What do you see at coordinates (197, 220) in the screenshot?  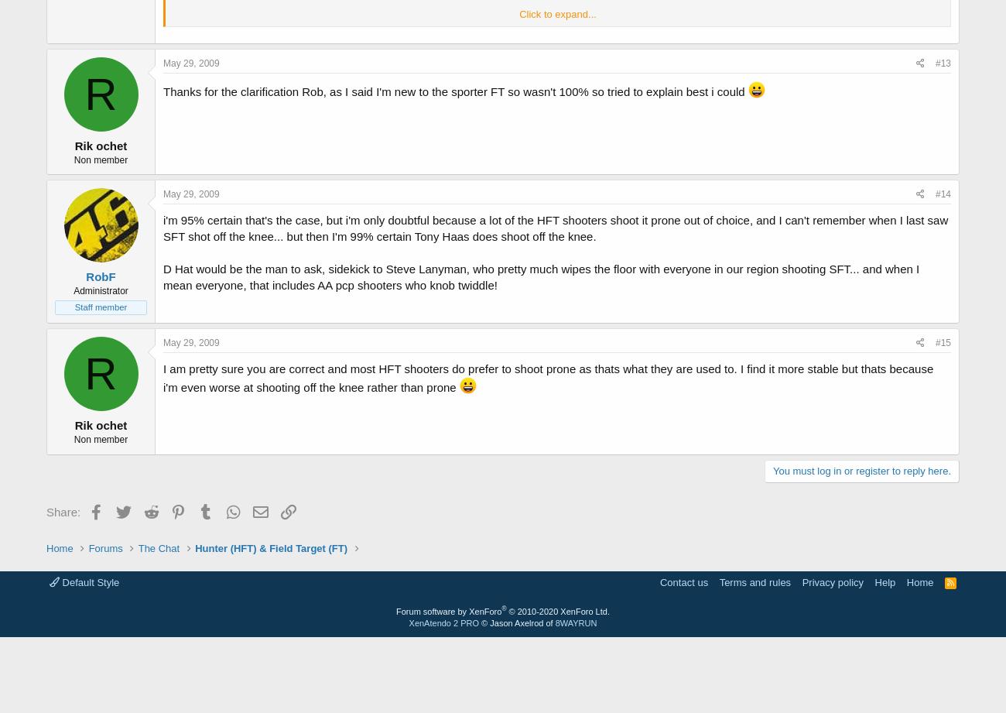 I see `'GENERAL'` at bounding box center [197, 220].